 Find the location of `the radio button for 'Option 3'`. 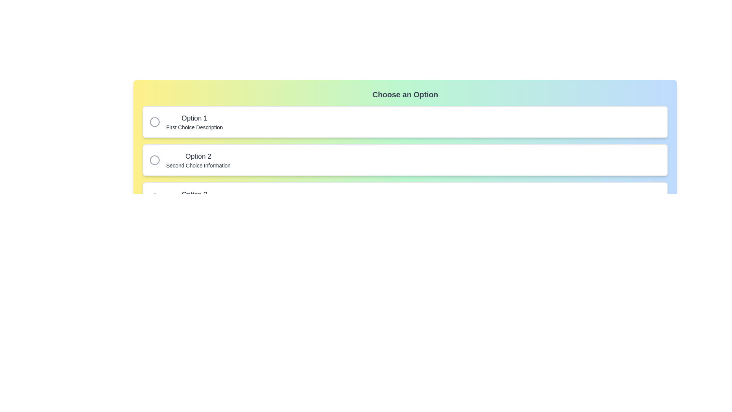

the radio button for 'Option 3' is located at coordinates (154, 198).